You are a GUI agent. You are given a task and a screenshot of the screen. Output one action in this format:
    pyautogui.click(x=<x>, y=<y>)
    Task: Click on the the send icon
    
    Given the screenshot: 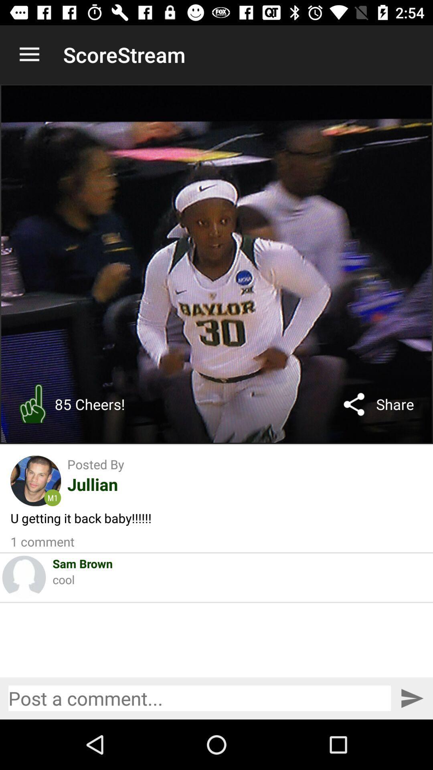 What is the action you would take?
    pyautogui.click(x=412, y=698)
    